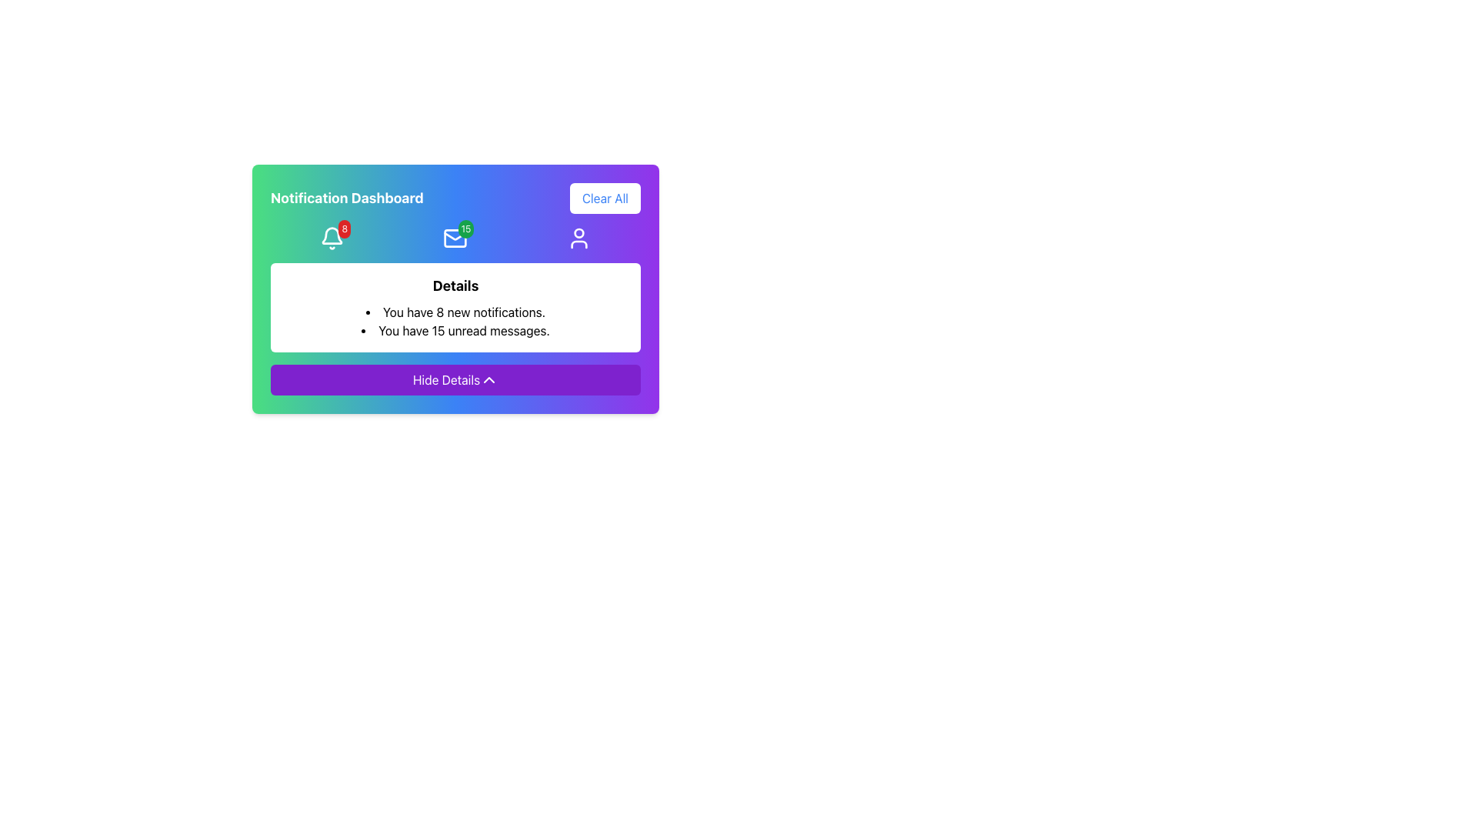  I want to click on the small circular badge with a red background and white text displaying the number '8', which is positioned above and slightly to the right of the bell icon in the notification dashboard interface, so click(344, 229).